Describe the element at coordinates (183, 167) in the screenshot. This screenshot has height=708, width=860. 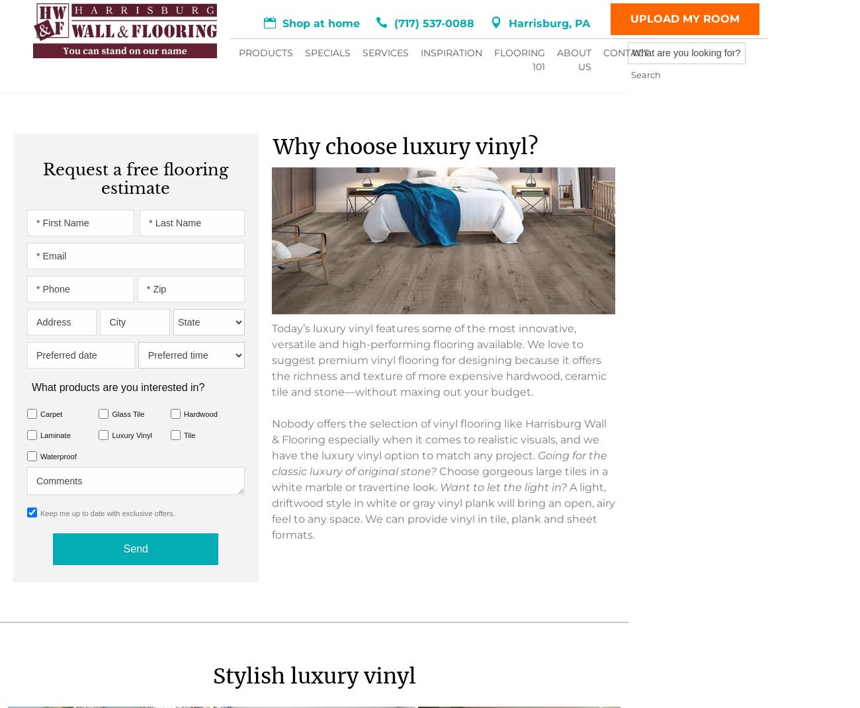
I see `'Luxury vinyl is durable and waterproof so maintenance is a breeze.'` at that location.